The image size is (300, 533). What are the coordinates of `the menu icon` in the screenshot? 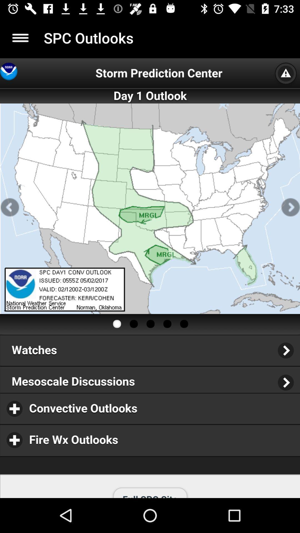 It's located at (20, 37).